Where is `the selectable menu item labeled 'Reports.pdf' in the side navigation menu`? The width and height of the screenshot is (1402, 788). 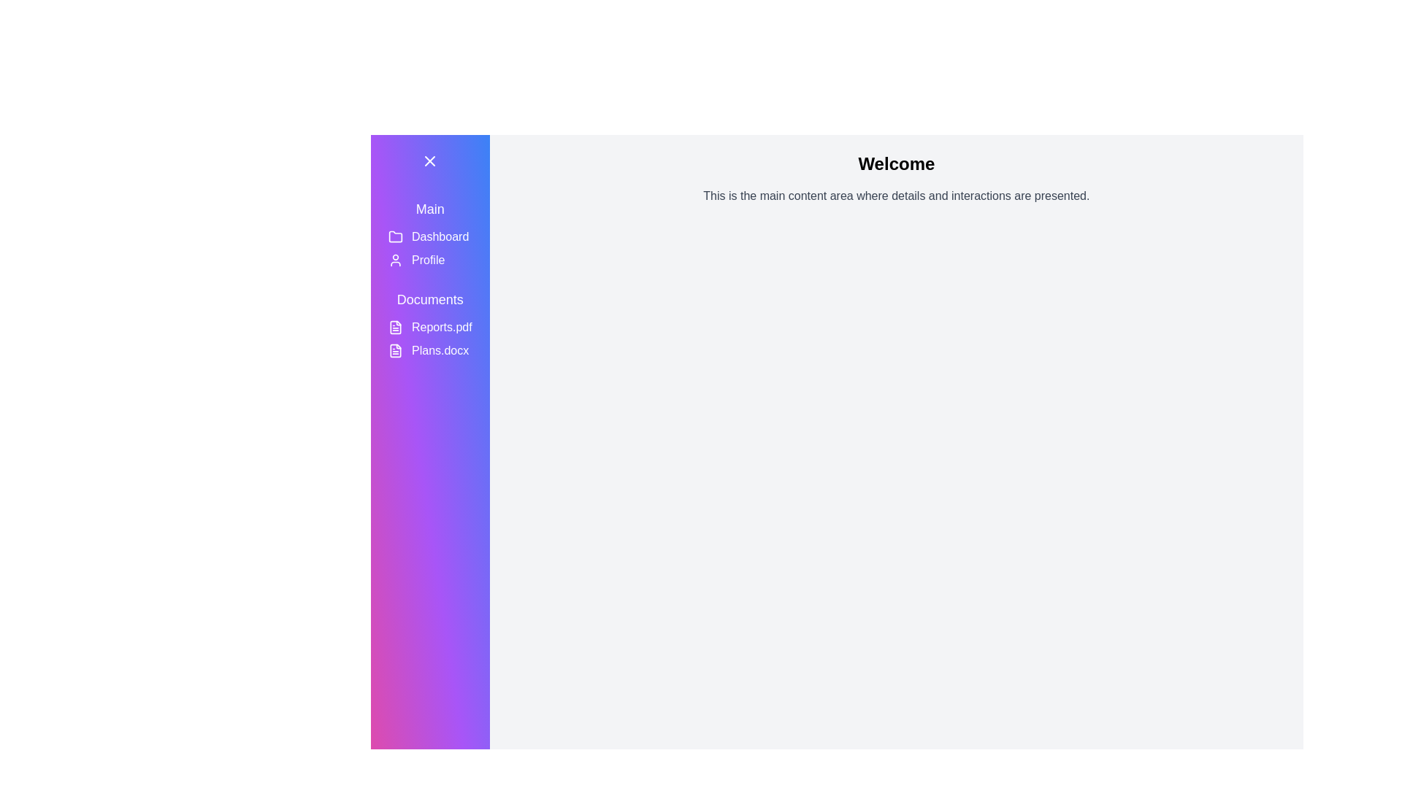
the selectable menu item labeled 'Reports.pdf' in the side navigation menu is located at coordinates (429, 326).